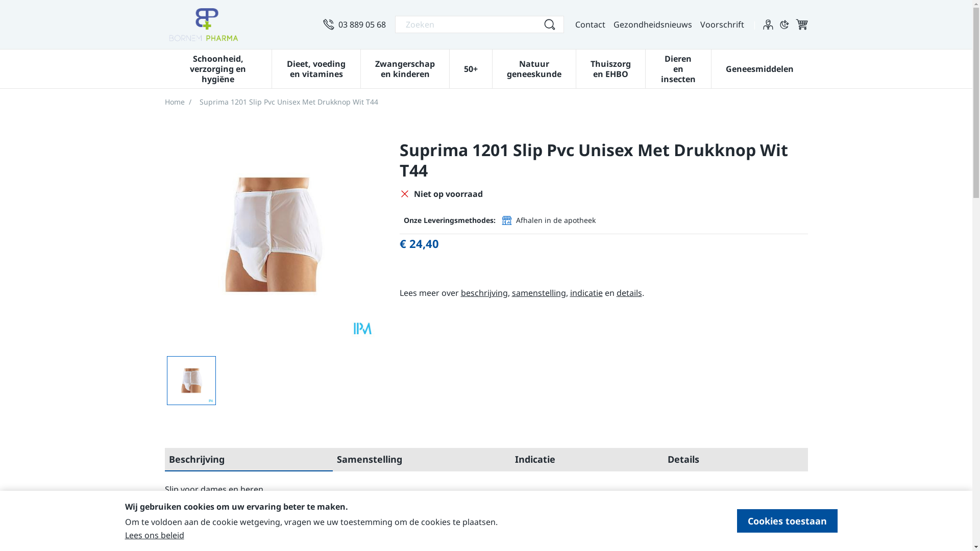 This screenshot has height=551, width=980. What do you see at coordinates (174, 102) in the screenshot?
I see `'Home'` at bounding box center [174, 102].